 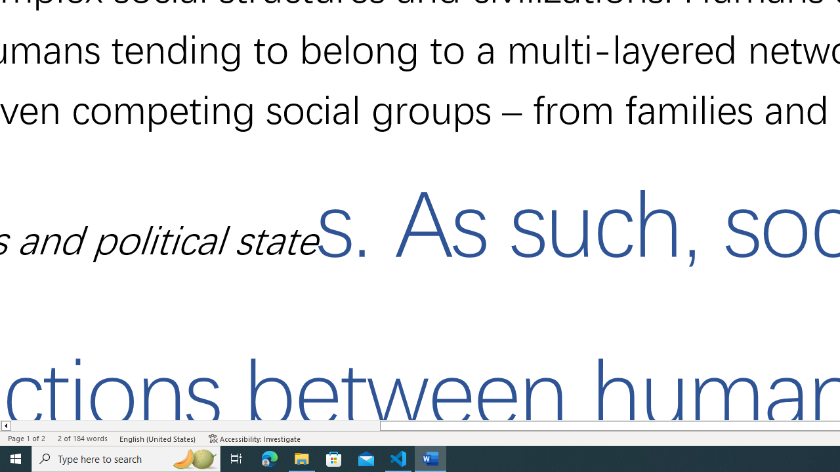 What do you see at coordinates (5, 425) in the screenshot?
I see `'Column left'` at bounding box center [5, 425].